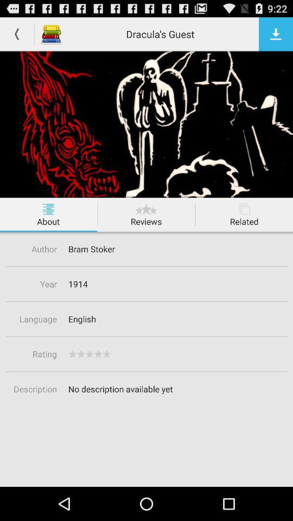 The image size is (293, 521). What do you see at coordinates (276, 34) in the screenshot?
I see `download icon` at bounding box center [276, 34].